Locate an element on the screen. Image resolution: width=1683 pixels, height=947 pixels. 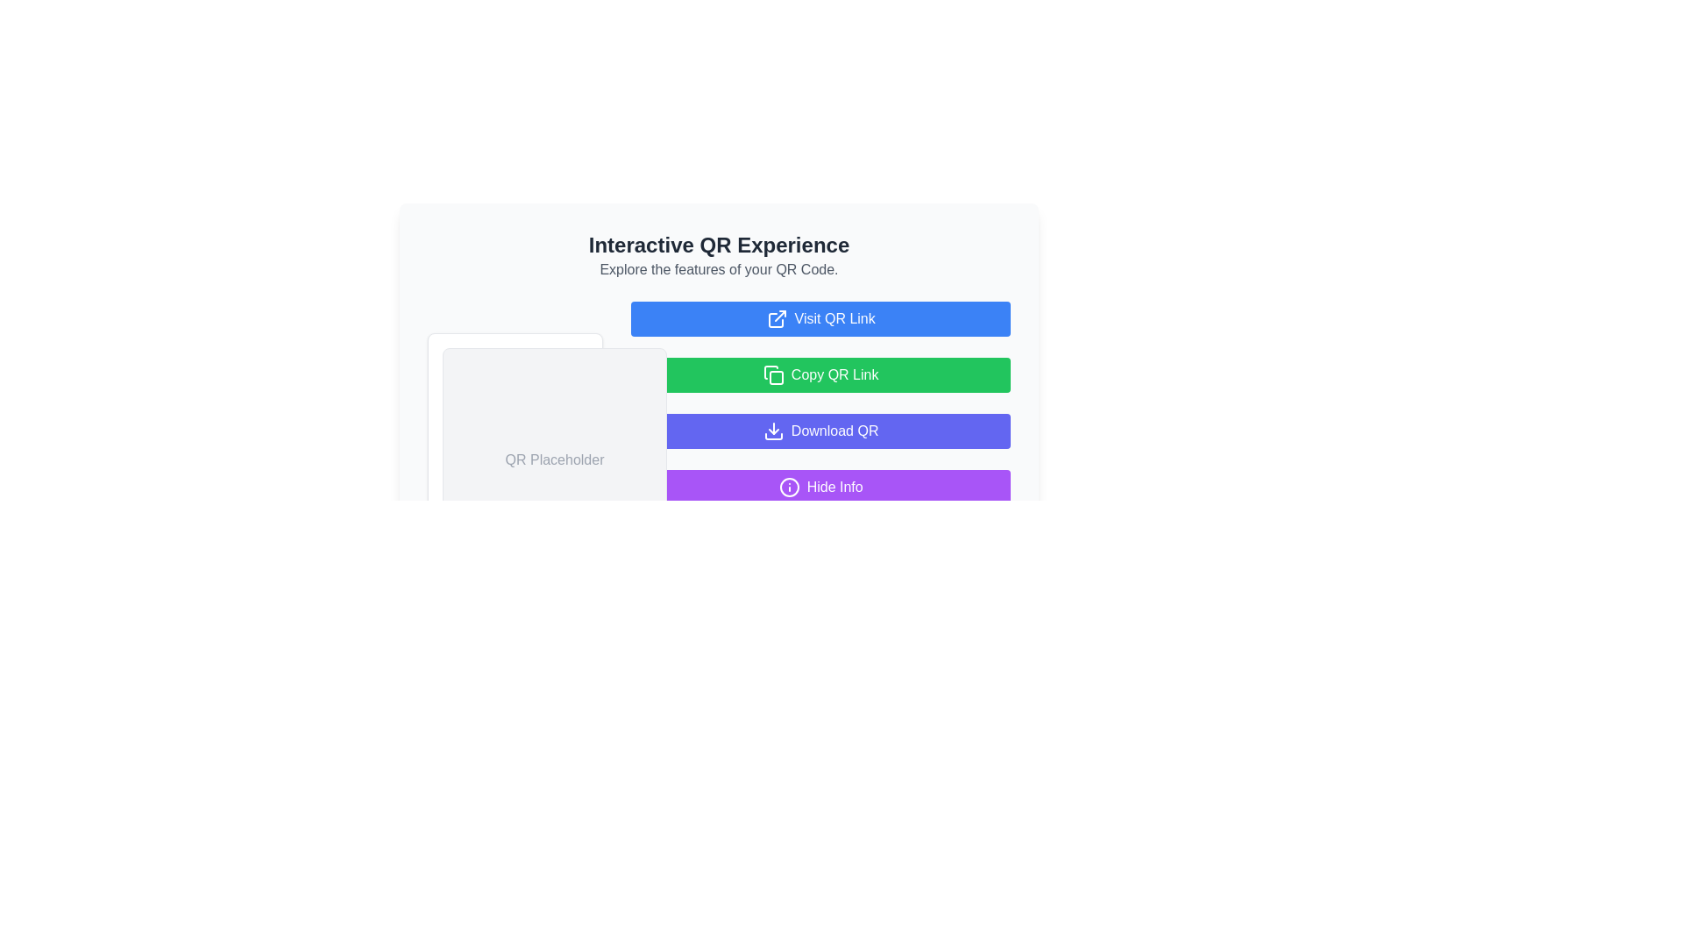
the 'Download QR Code' button is located at coordinates (820, 431).